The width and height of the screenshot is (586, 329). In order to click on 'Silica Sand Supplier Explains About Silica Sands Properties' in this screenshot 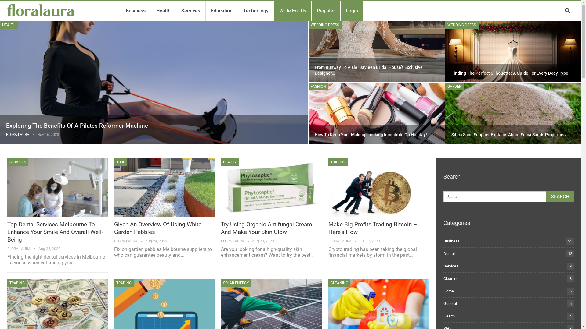, I will do `click(508, 134)`.